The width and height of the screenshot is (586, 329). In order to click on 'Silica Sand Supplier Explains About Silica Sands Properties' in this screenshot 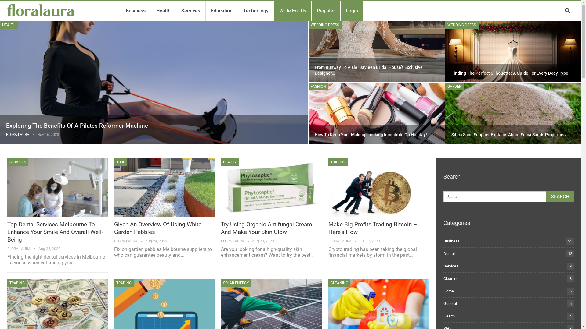, I will do `click(508, 134)`.